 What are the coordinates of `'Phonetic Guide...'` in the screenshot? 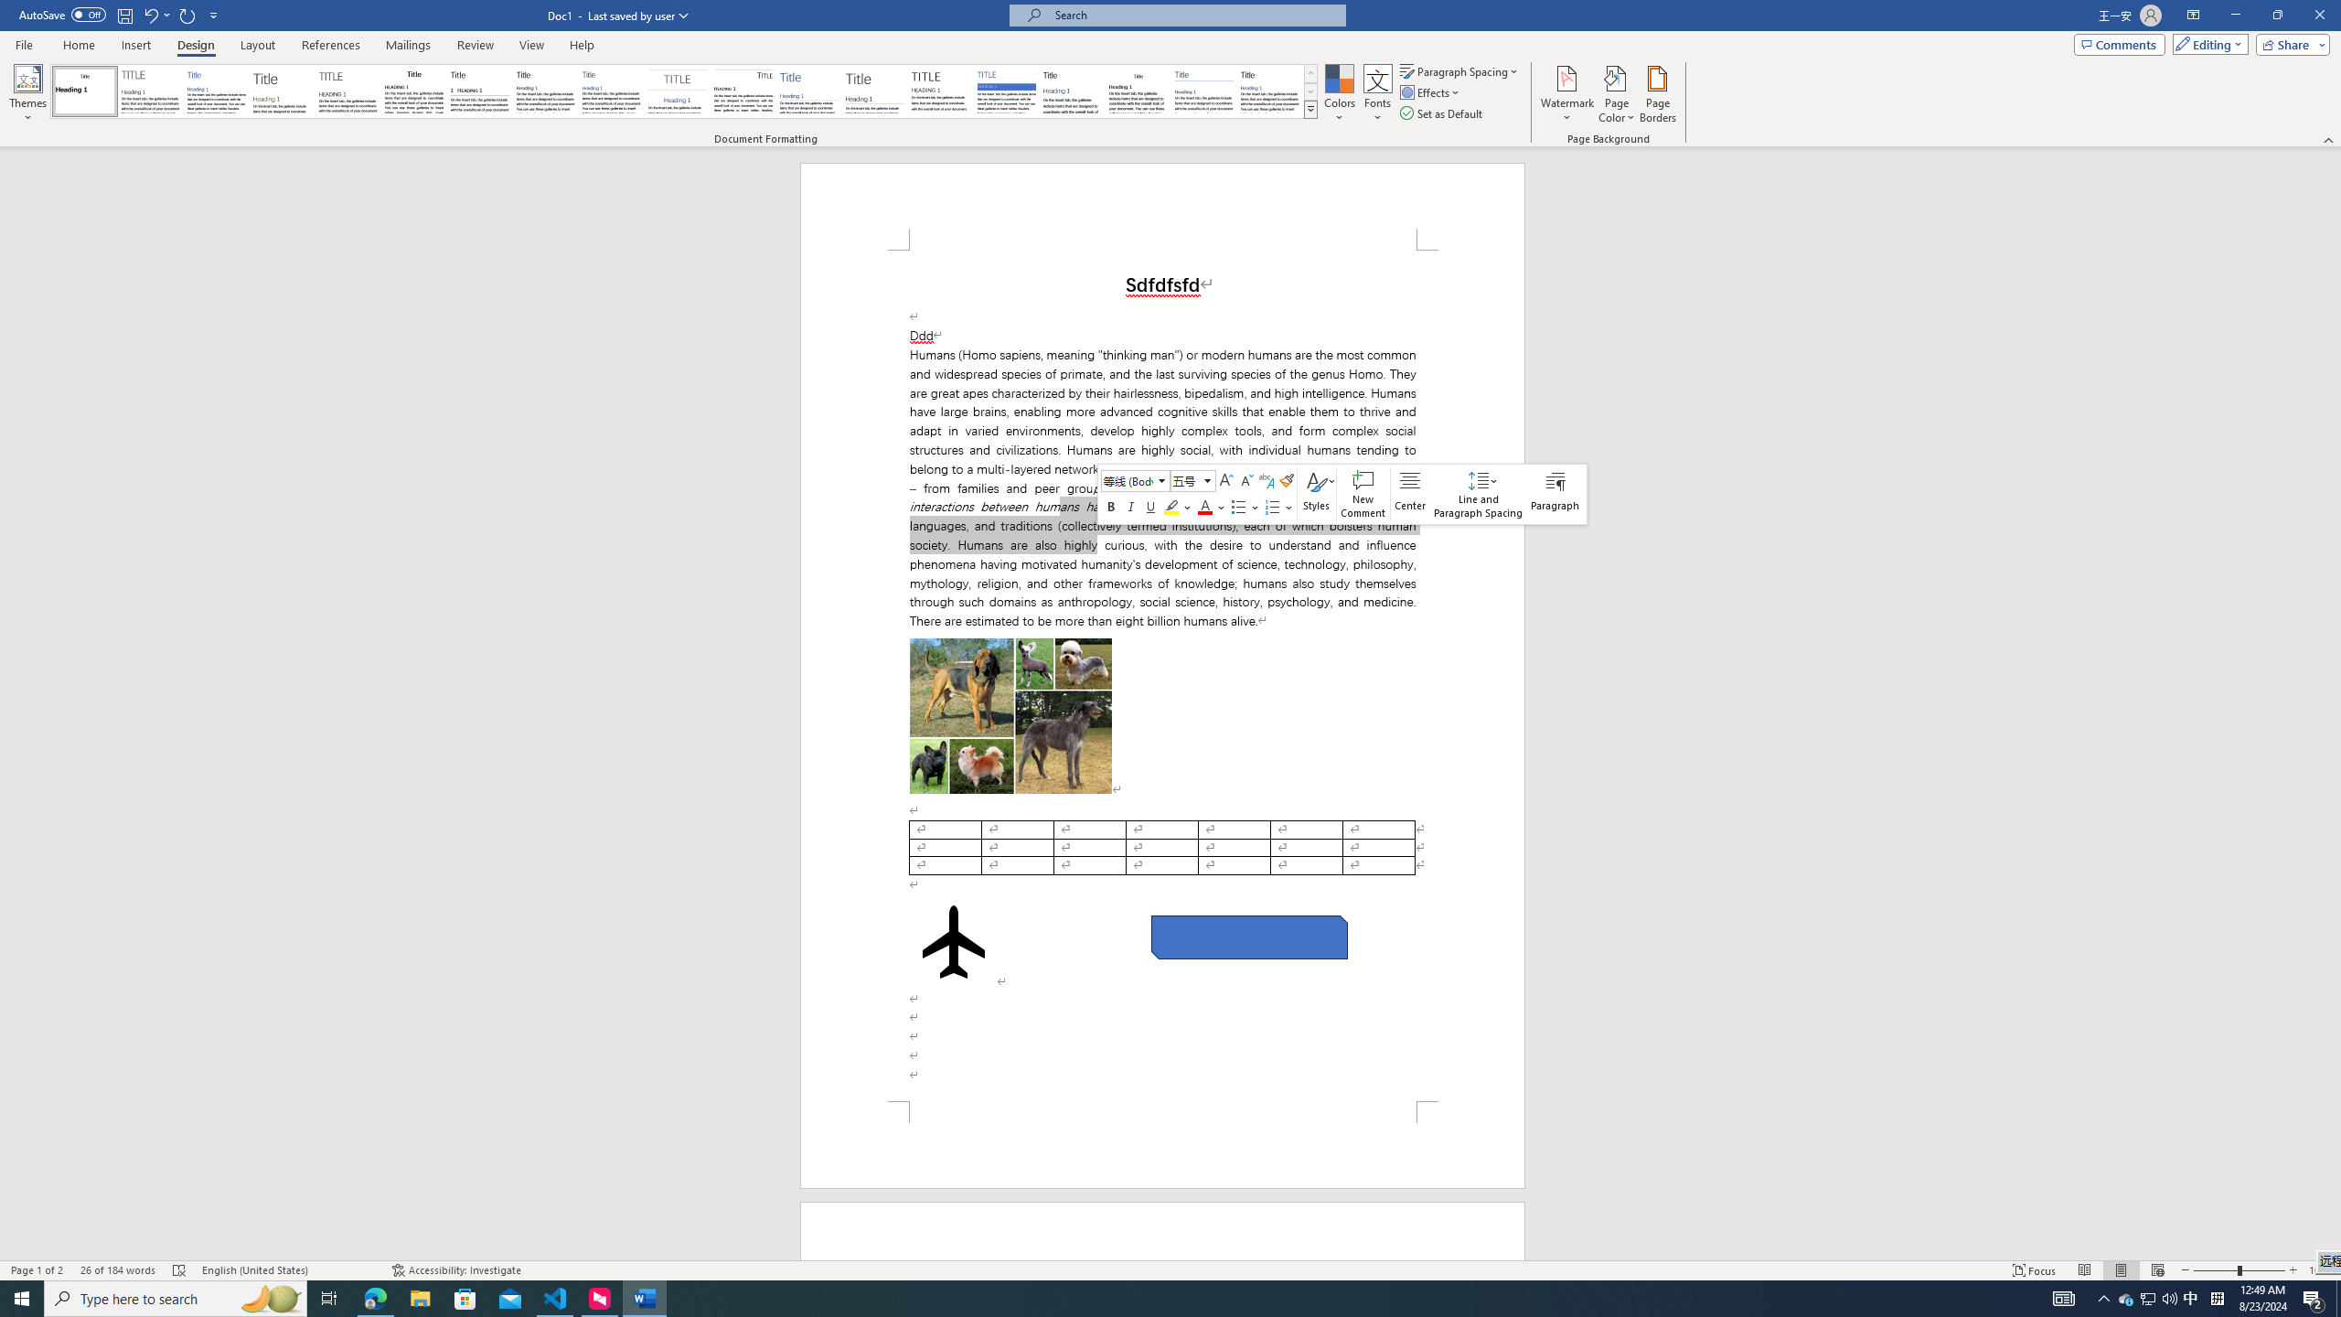 It's located at (1265, 480).